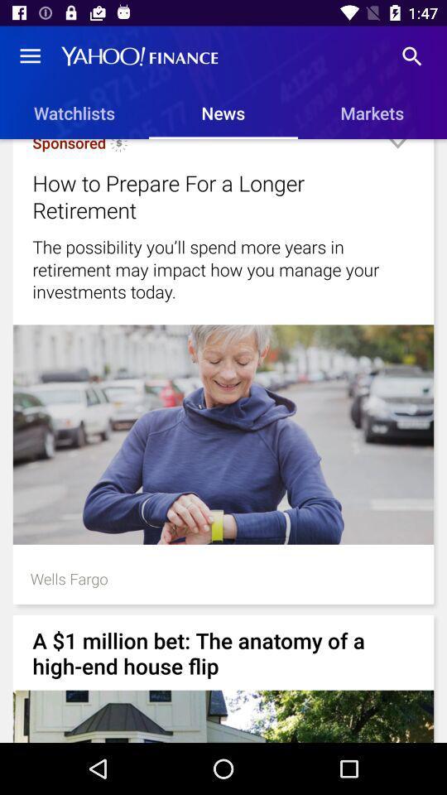  Describe the element at coordinates (397, 150) in the screenshot. I see `the item` at that location.